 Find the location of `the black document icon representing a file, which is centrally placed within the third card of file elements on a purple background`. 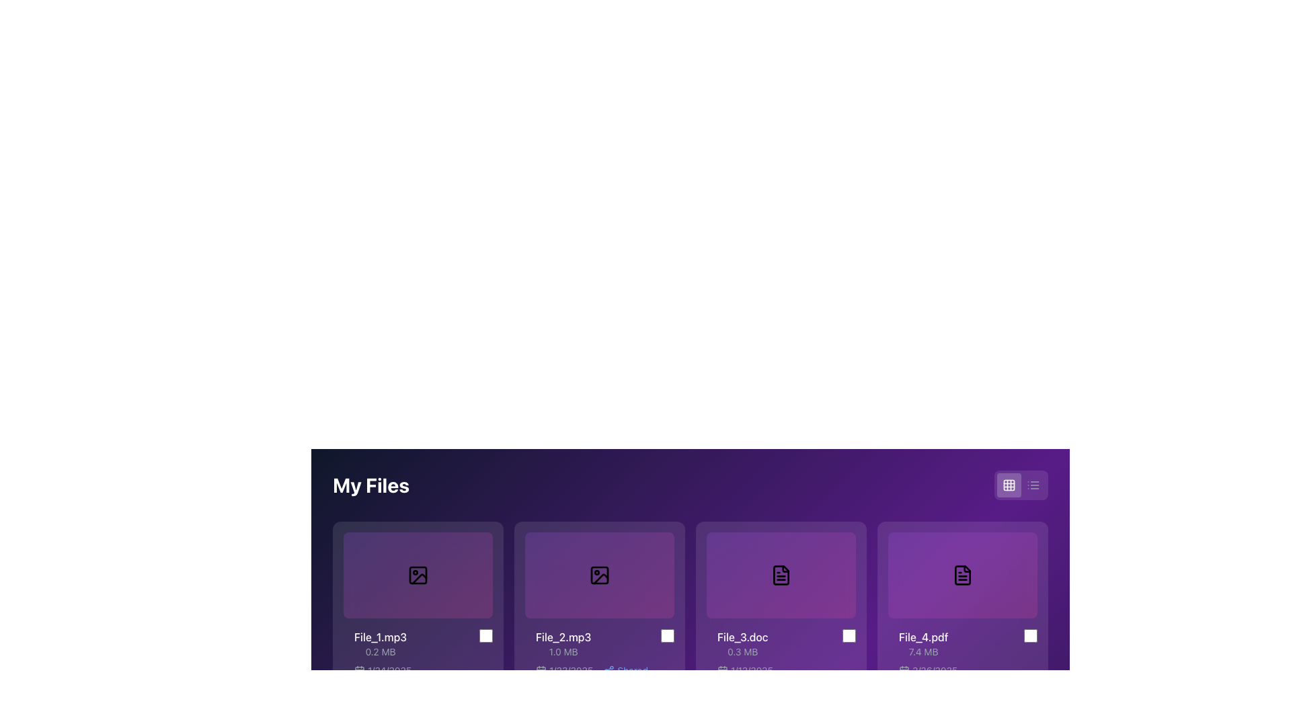

the black document icon representing a file, which is centrally placed within the third card of file elements on a purple background is located at coordinates (781, 575).